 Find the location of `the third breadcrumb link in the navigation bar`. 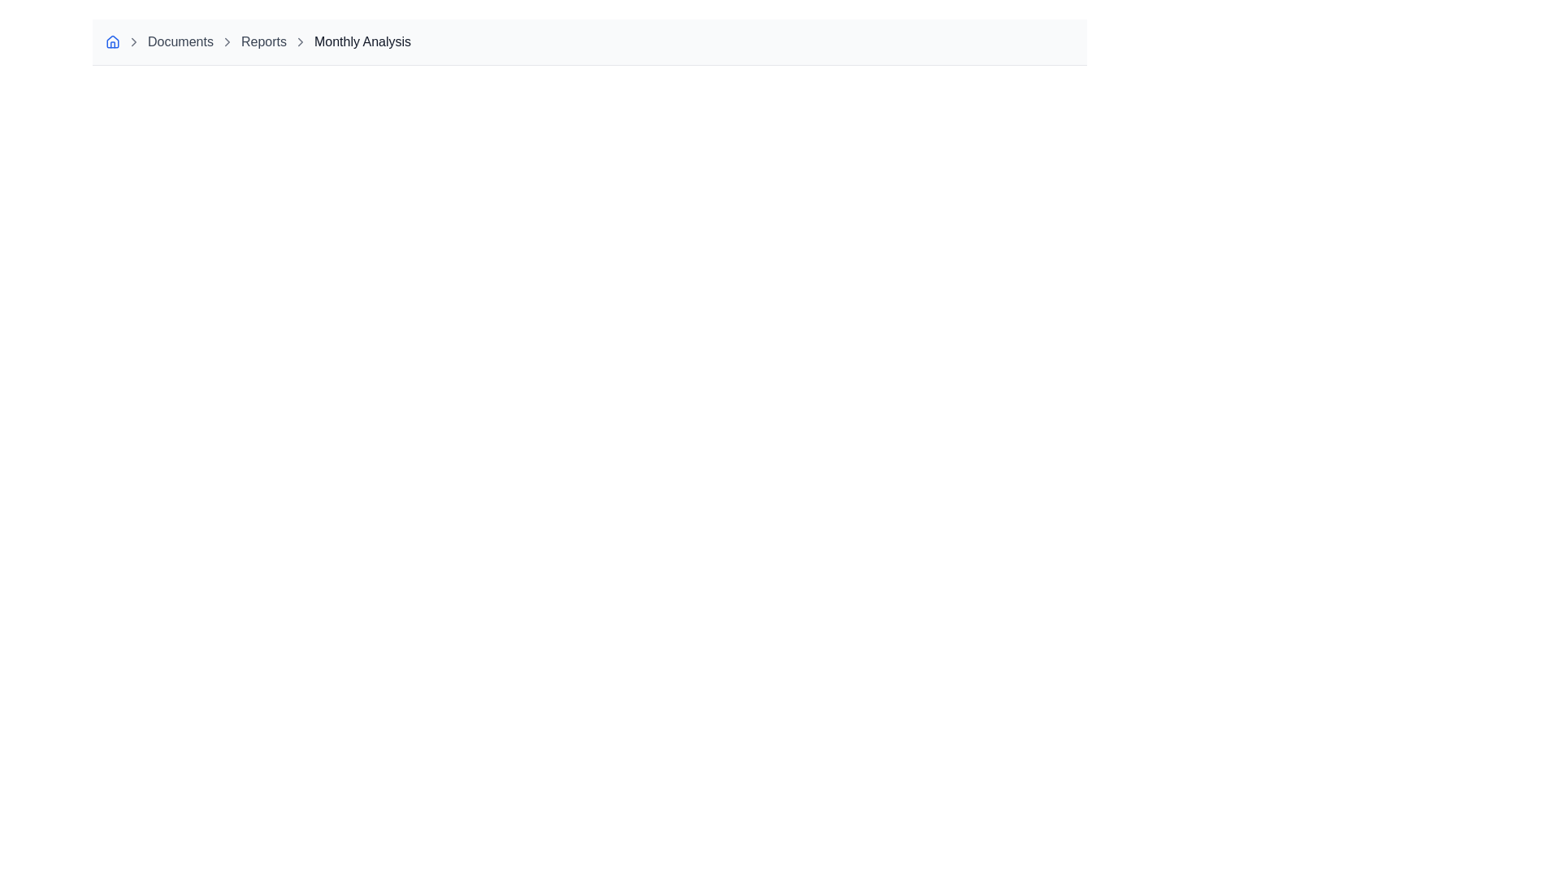

the third breadcrumb link in the navigation bar is located at coordinates (180, 41).